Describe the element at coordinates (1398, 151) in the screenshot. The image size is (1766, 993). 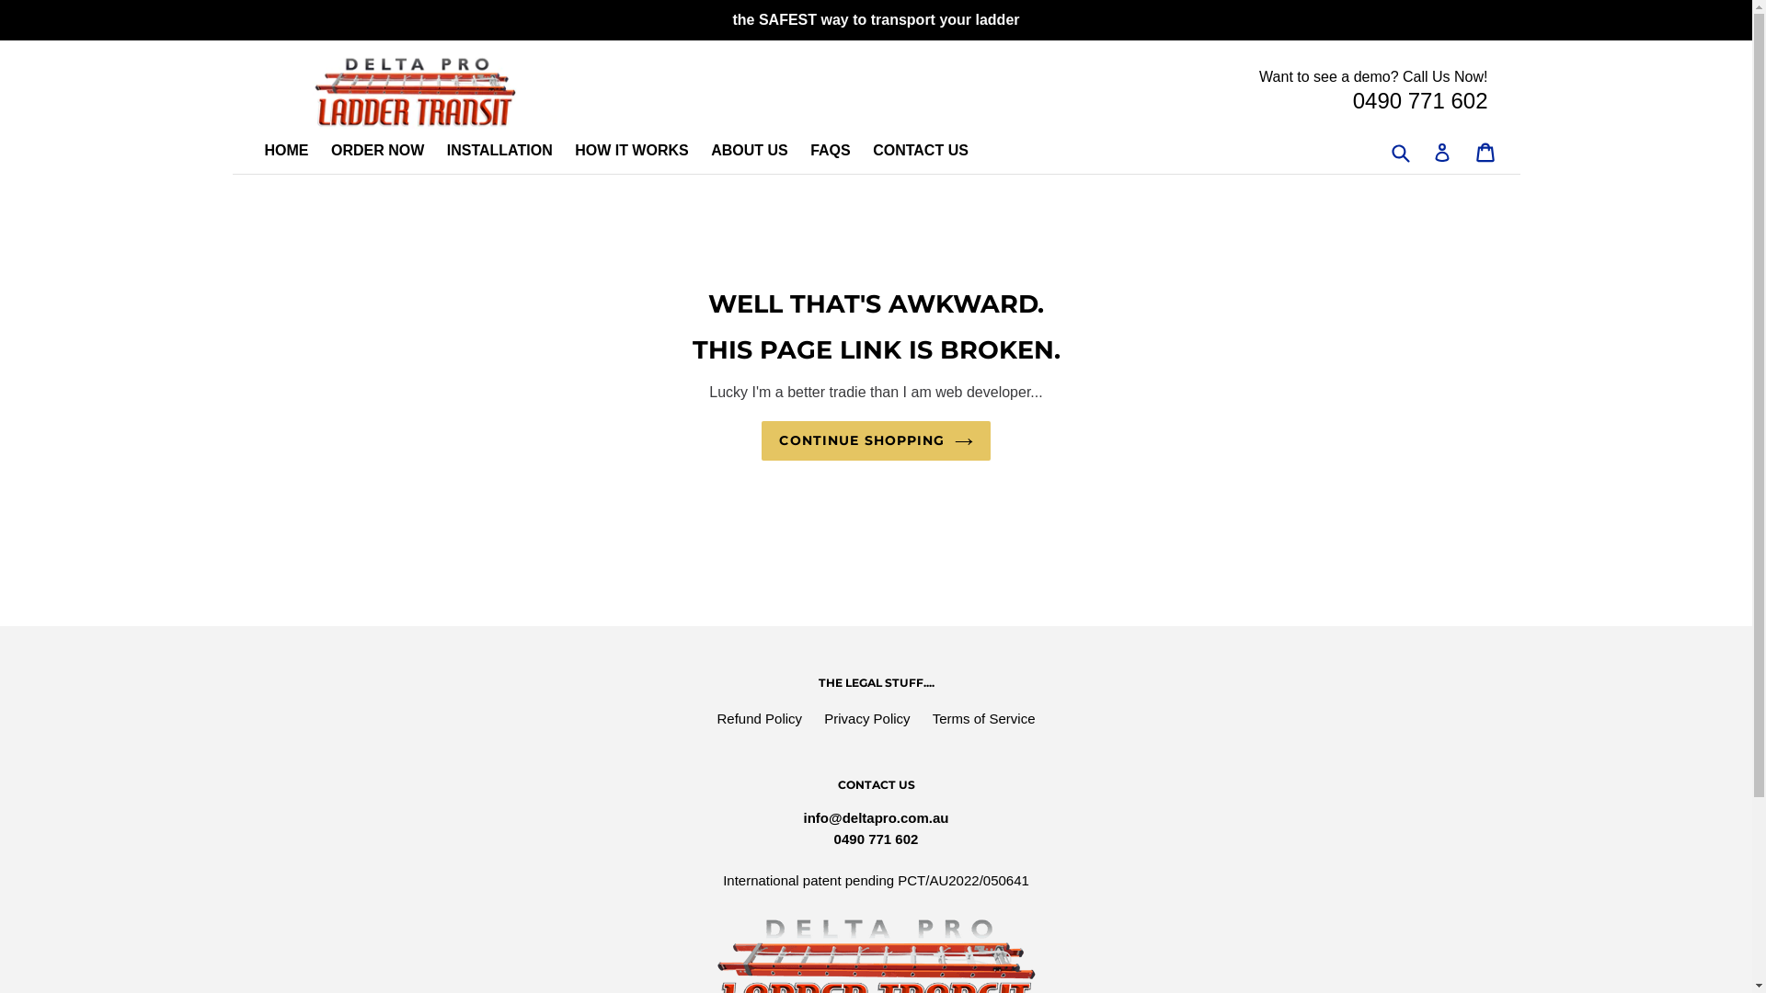
I see `'Submit'` at that location.